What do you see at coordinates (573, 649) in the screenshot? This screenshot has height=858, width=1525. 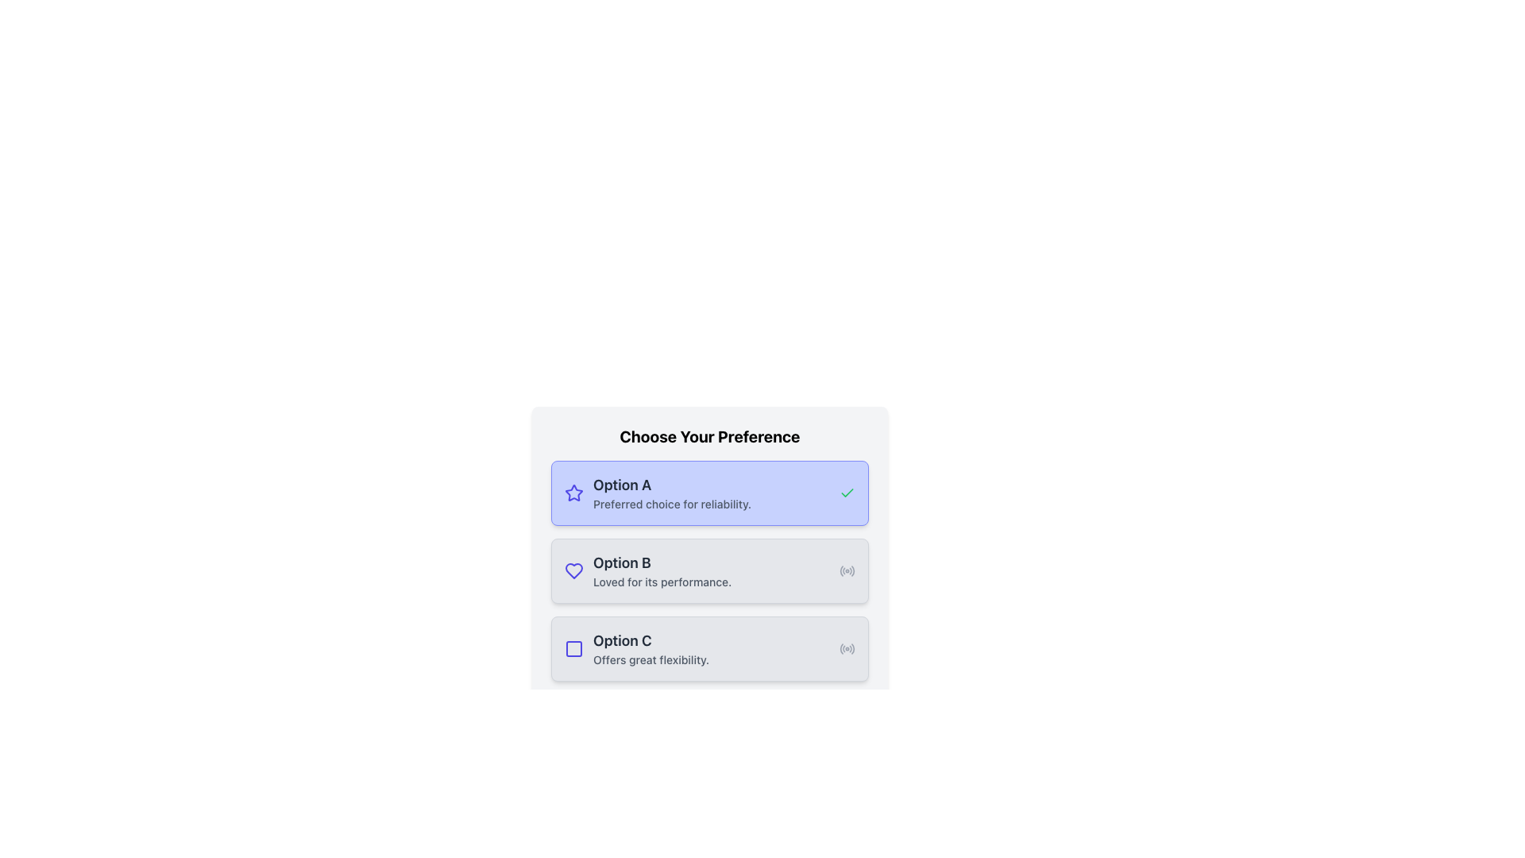 I see `the selection icon for 'Option C', which visually represents this option and is located near the text 'Option C' and its description` at bounding box center [573, 649].